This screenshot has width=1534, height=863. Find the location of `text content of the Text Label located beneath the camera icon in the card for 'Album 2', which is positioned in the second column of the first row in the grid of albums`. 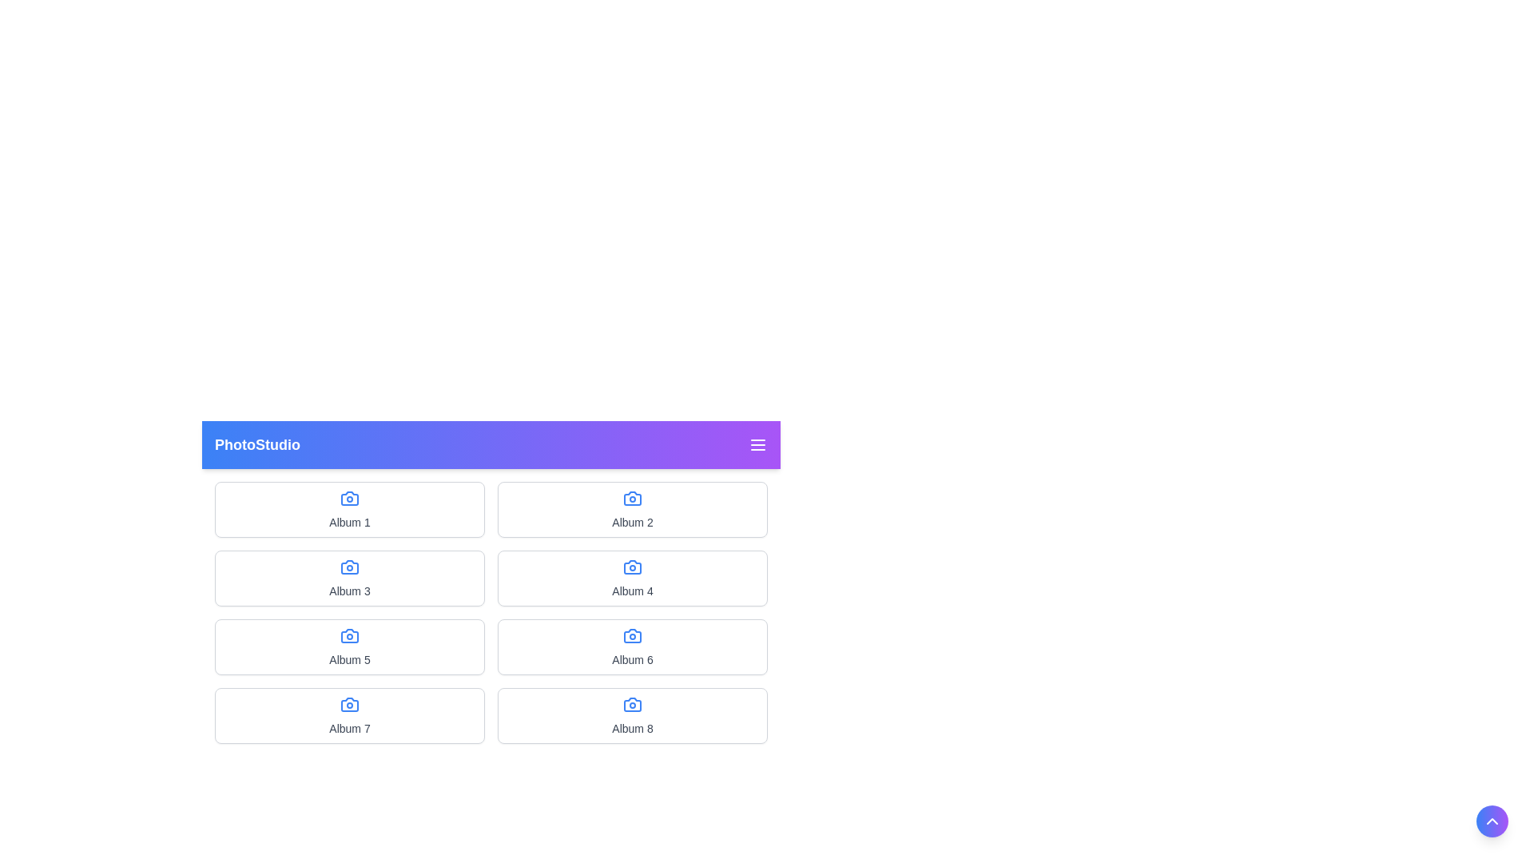

text content of the Text Label located beneath the camera icon in the card for 'Album 2', which is positioned in the second column of the first row in the grid of albums is located at coordinates (632, 523).